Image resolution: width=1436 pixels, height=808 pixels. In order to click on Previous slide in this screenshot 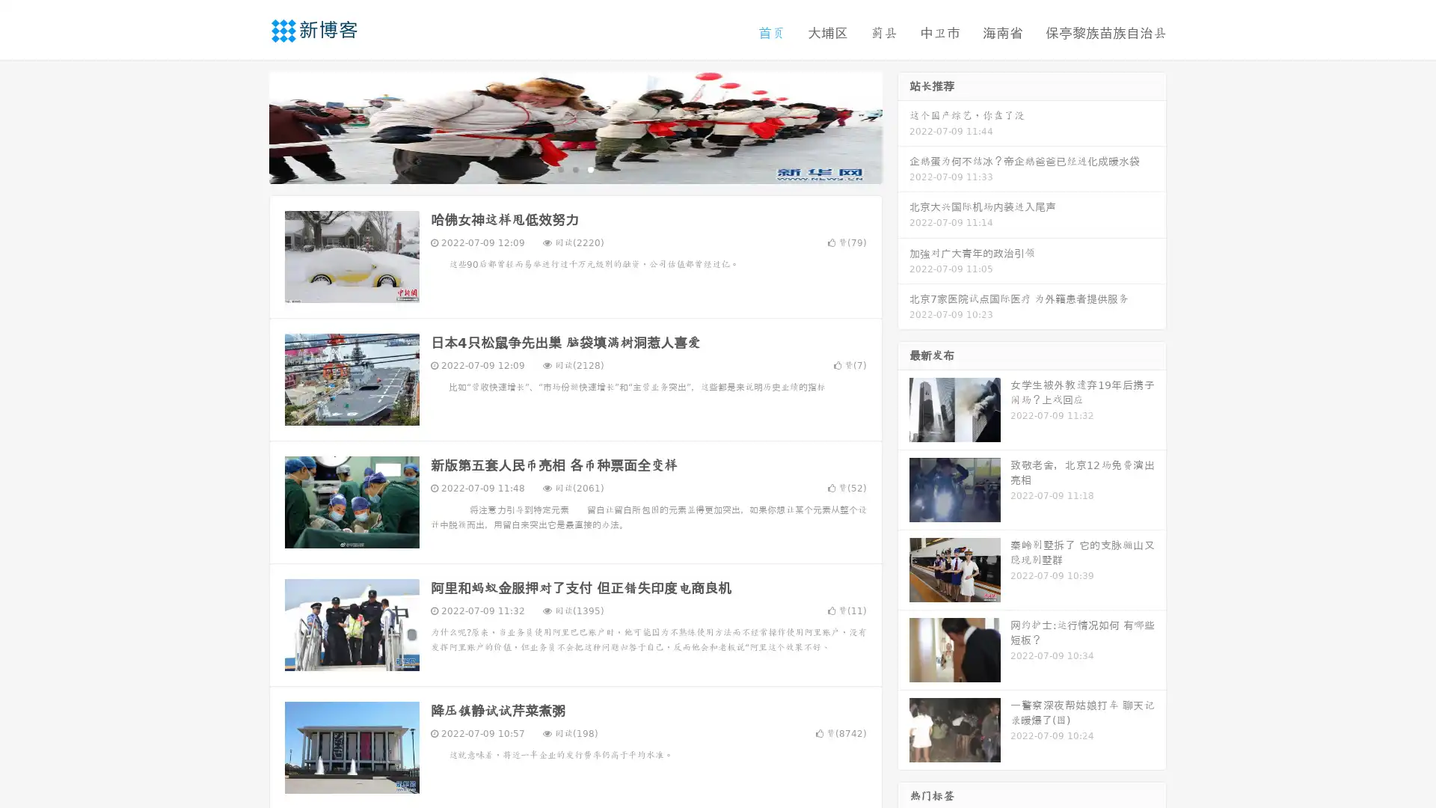, I will do `click(247, 126)`.